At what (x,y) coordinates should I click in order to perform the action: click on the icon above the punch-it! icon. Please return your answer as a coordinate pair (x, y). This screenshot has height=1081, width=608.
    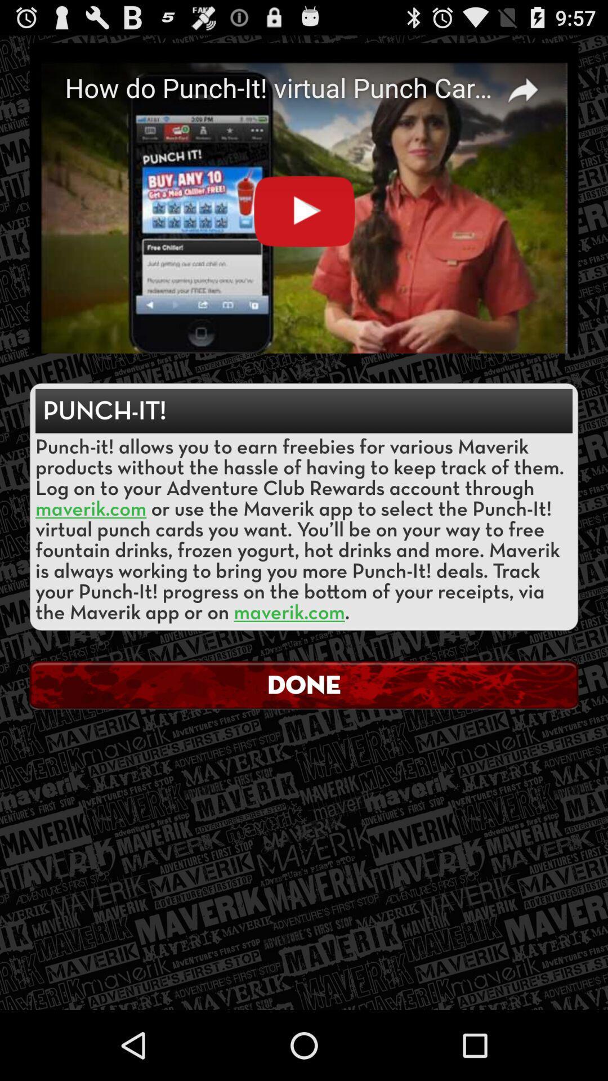
    Looking at the image, I should click on (304, 198).